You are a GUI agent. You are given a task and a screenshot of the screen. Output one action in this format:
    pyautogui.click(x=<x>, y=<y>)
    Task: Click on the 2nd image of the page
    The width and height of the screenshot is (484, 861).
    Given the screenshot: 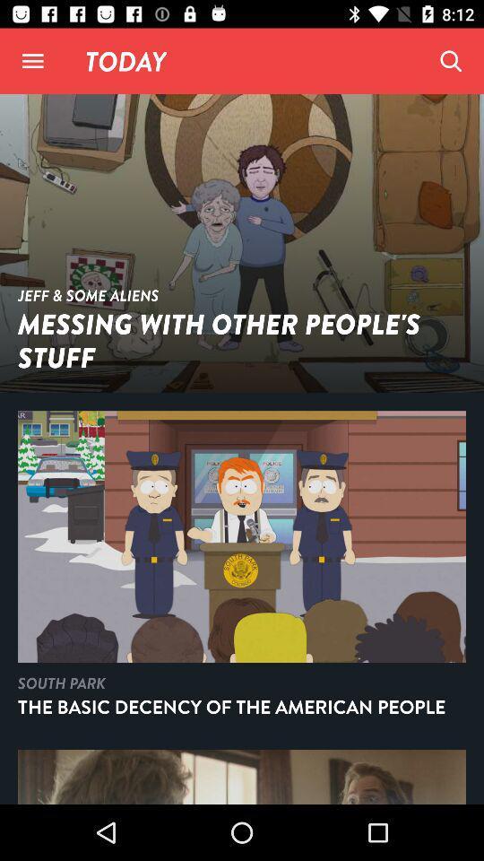 What is the action you would take?
    pyautogui.click(x=242, y=570)
    